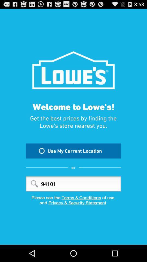 The image size is (147, 262). What do you see at coordinates (73, 197) in the screenshot?
I see `the please see the icon` at bounding box center [73, 197].